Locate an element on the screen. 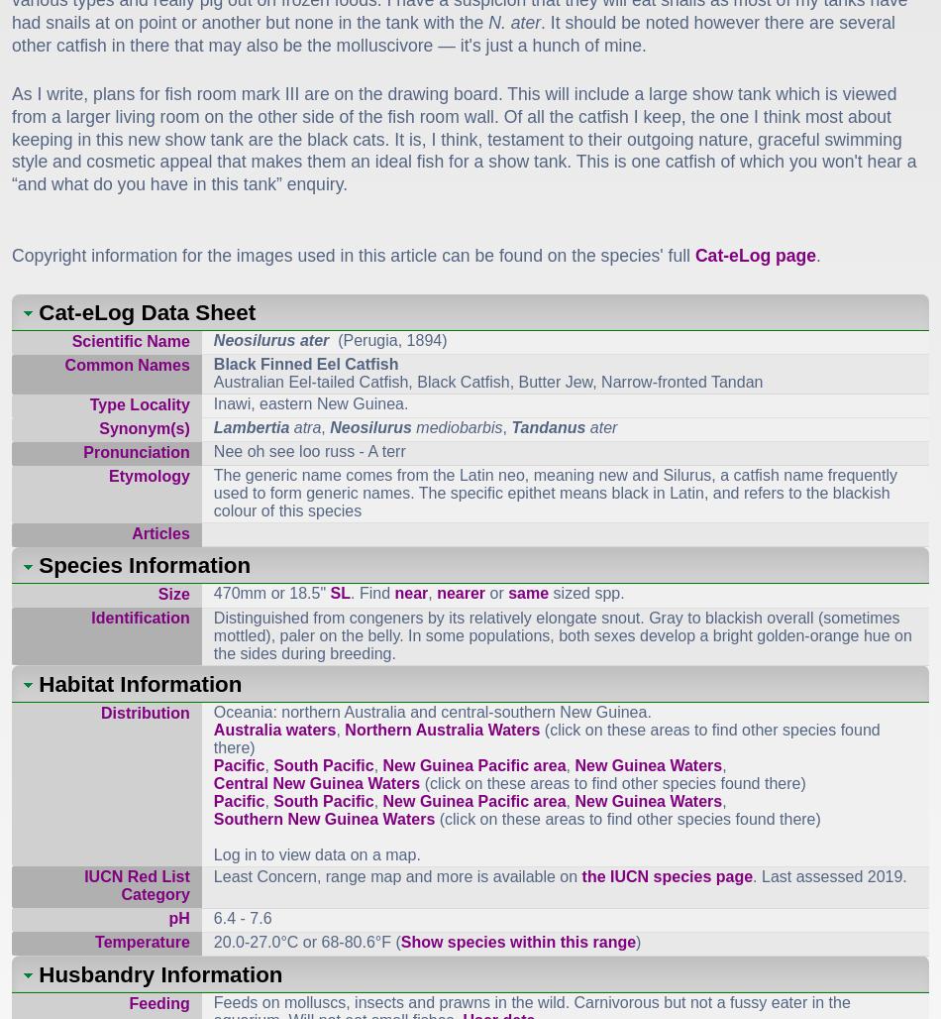 Image resolution: width=941 pixels, height=1019 pixels. 'Etymology' is located at coordinates (109, 474).